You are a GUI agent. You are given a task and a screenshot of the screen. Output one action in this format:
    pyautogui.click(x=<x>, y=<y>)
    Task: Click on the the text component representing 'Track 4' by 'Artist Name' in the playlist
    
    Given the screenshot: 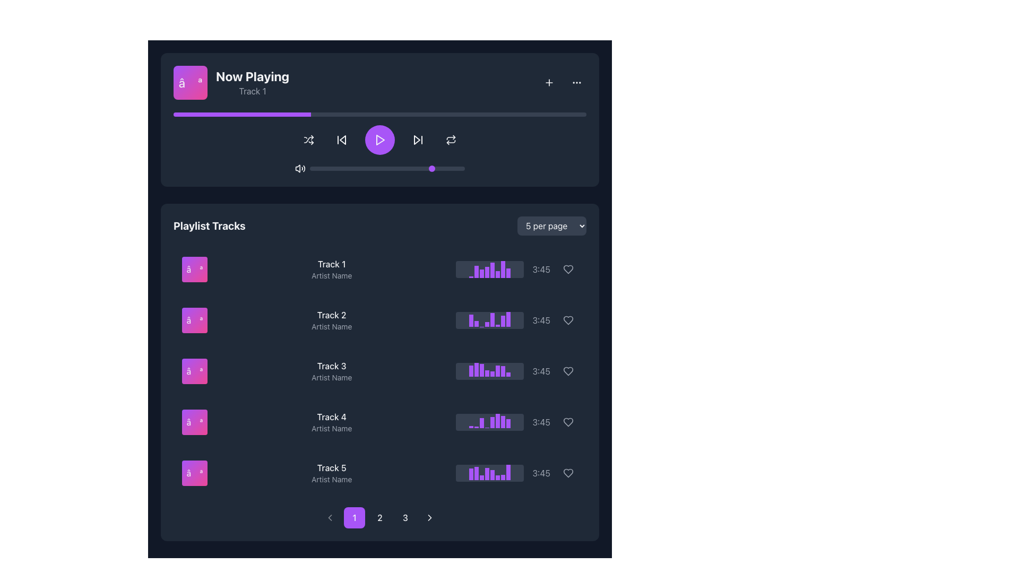 What is the action you would take?
    pyautogui.click(x=331, y=421)
    